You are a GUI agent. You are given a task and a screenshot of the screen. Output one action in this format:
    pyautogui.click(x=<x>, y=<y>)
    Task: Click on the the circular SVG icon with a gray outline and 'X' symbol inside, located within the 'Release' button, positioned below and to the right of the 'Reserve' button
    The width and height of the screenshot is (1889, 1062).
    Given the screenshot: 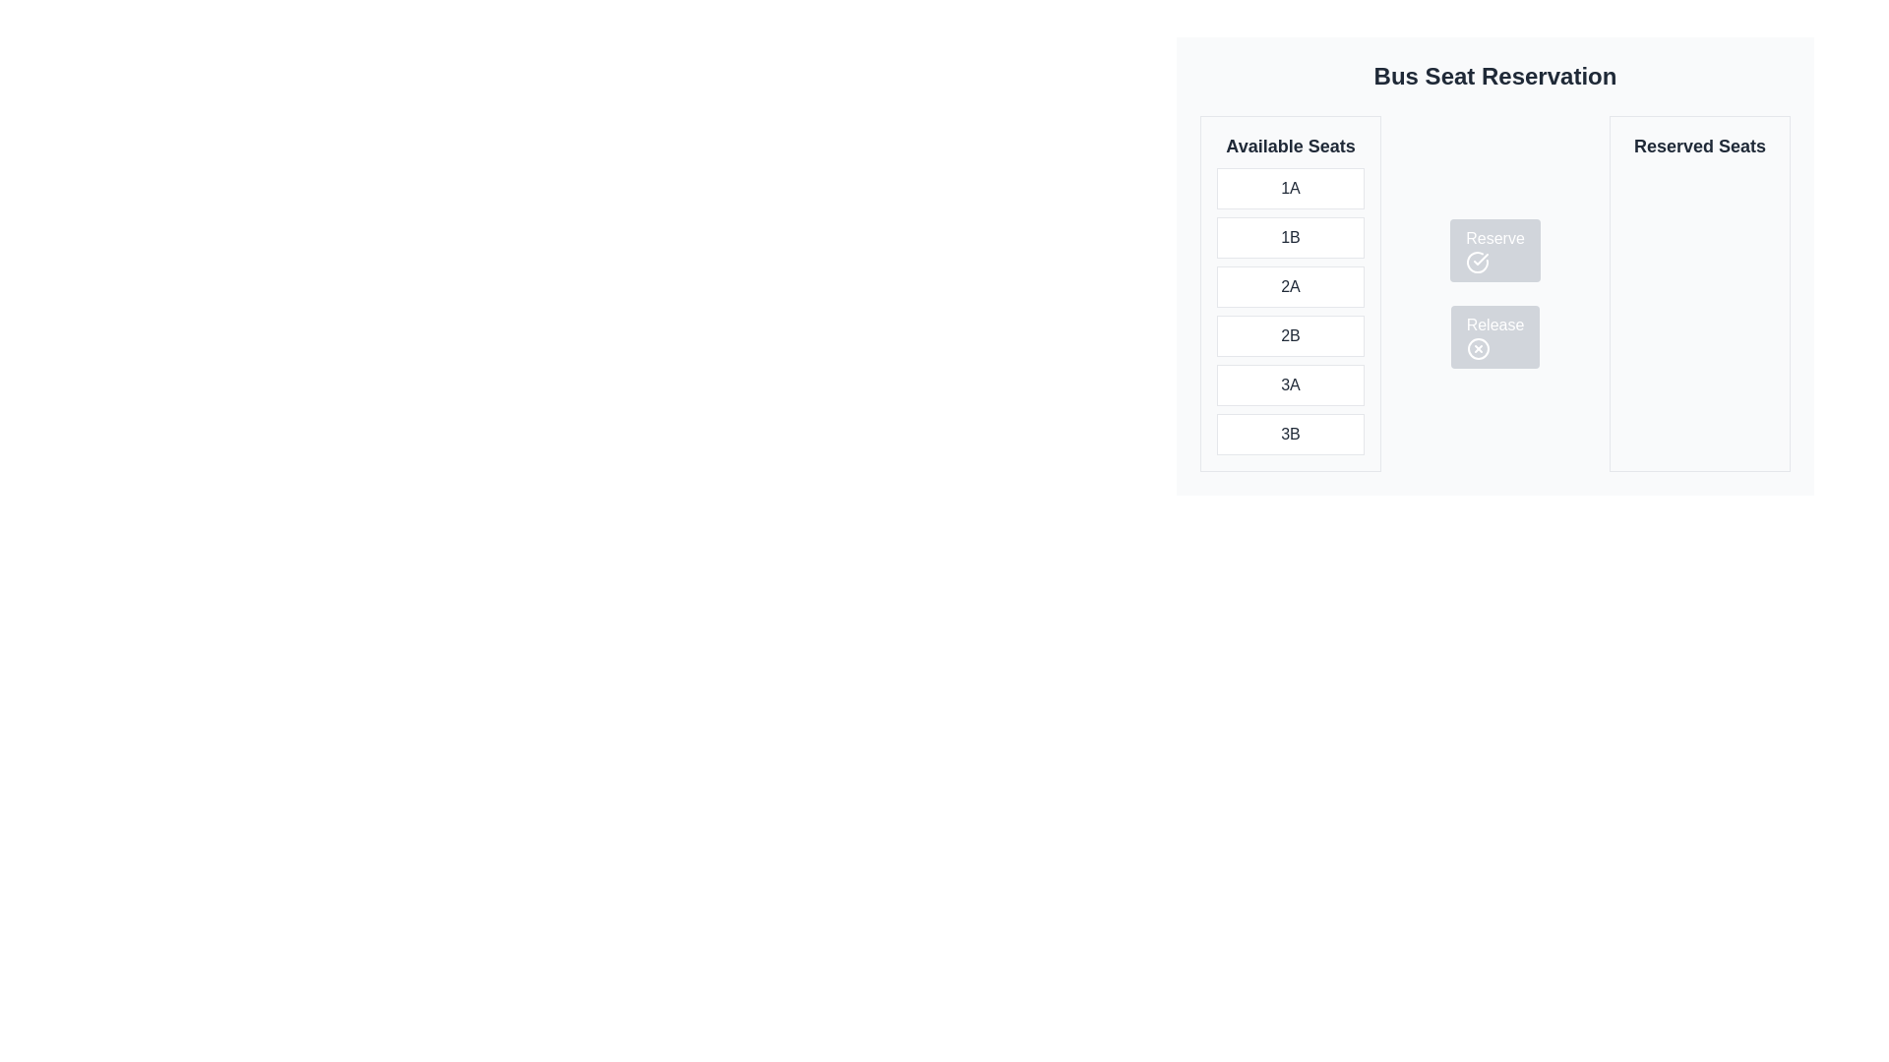 What is the action you would take?
    pyautogui.click(x=1478, y=347)
    